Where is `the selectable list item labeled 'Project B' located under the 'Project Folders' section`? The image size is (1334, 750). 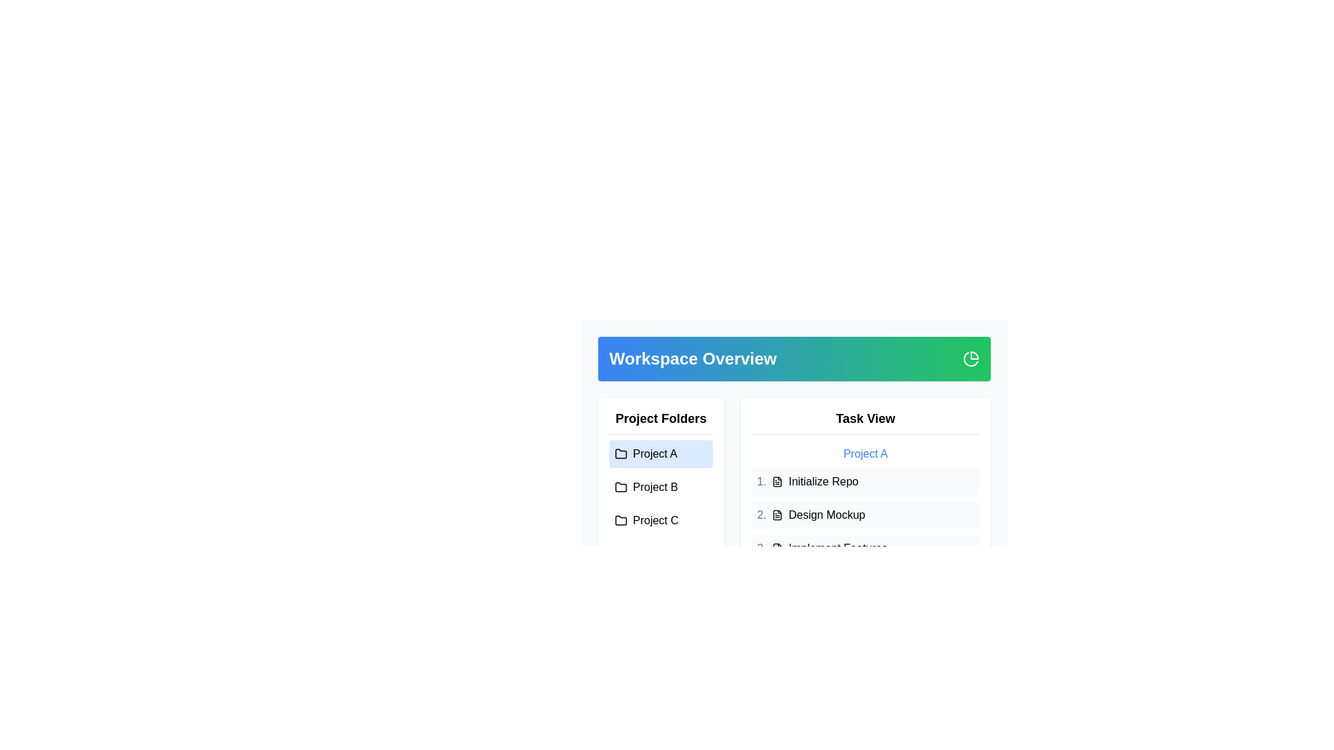
the selectable list item labeled 'Project B' located under the 'Project Folders' section is located at coordinates (660, 487).